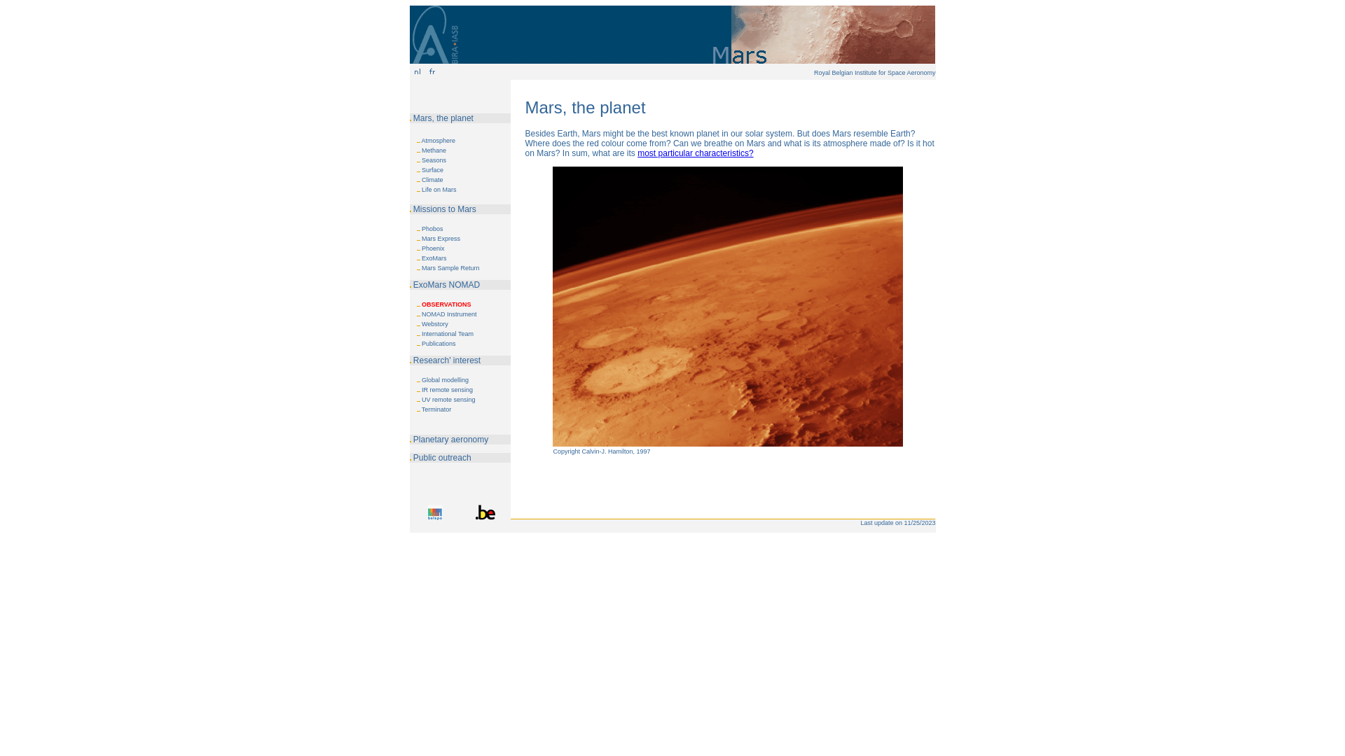 The image size is (1345, 756). What do you see at coordinates (446, 334) in the screenshot?
I see `'International Team'` at bounding box center [446, 334].